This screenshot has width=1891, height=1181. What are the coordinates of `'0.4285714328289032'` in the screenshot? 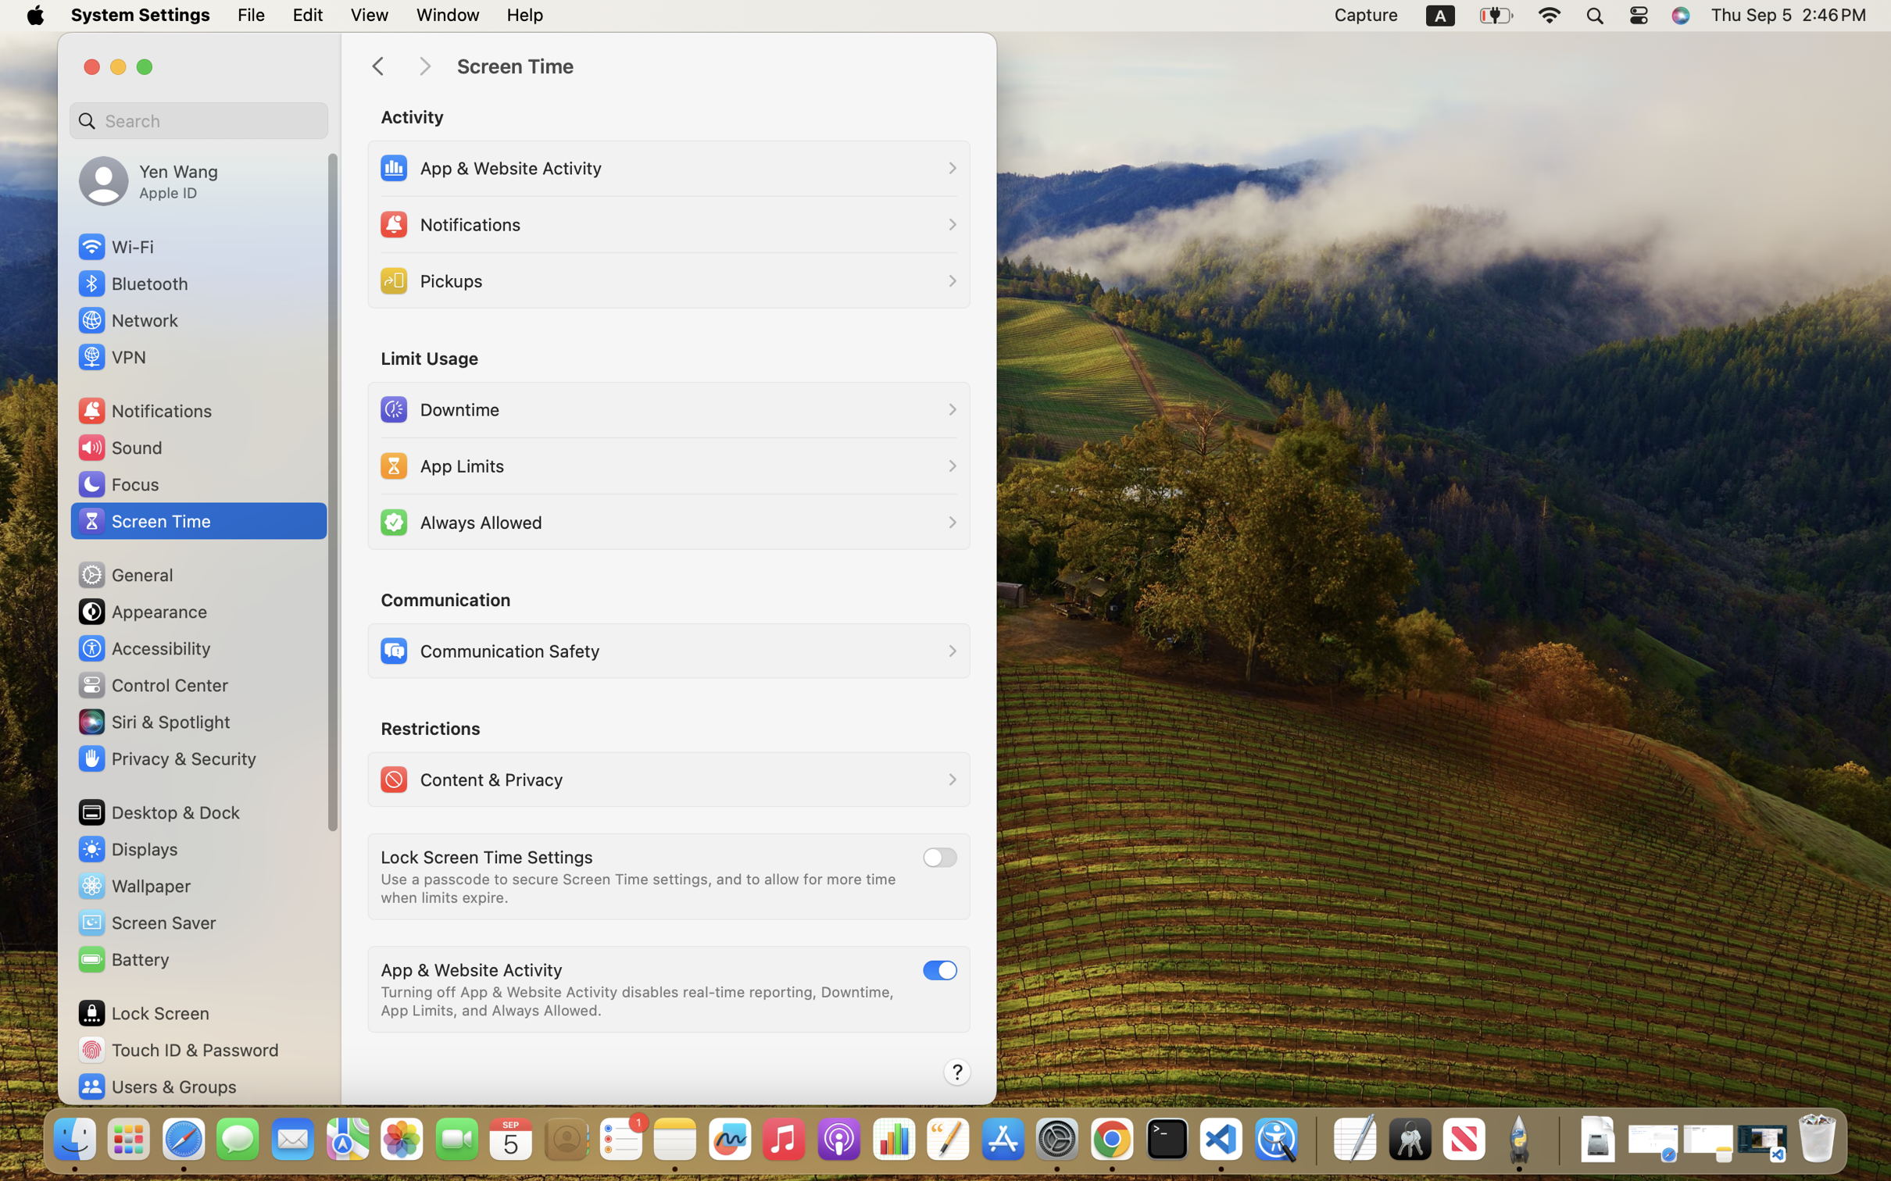 It's located at (1314, 1140).